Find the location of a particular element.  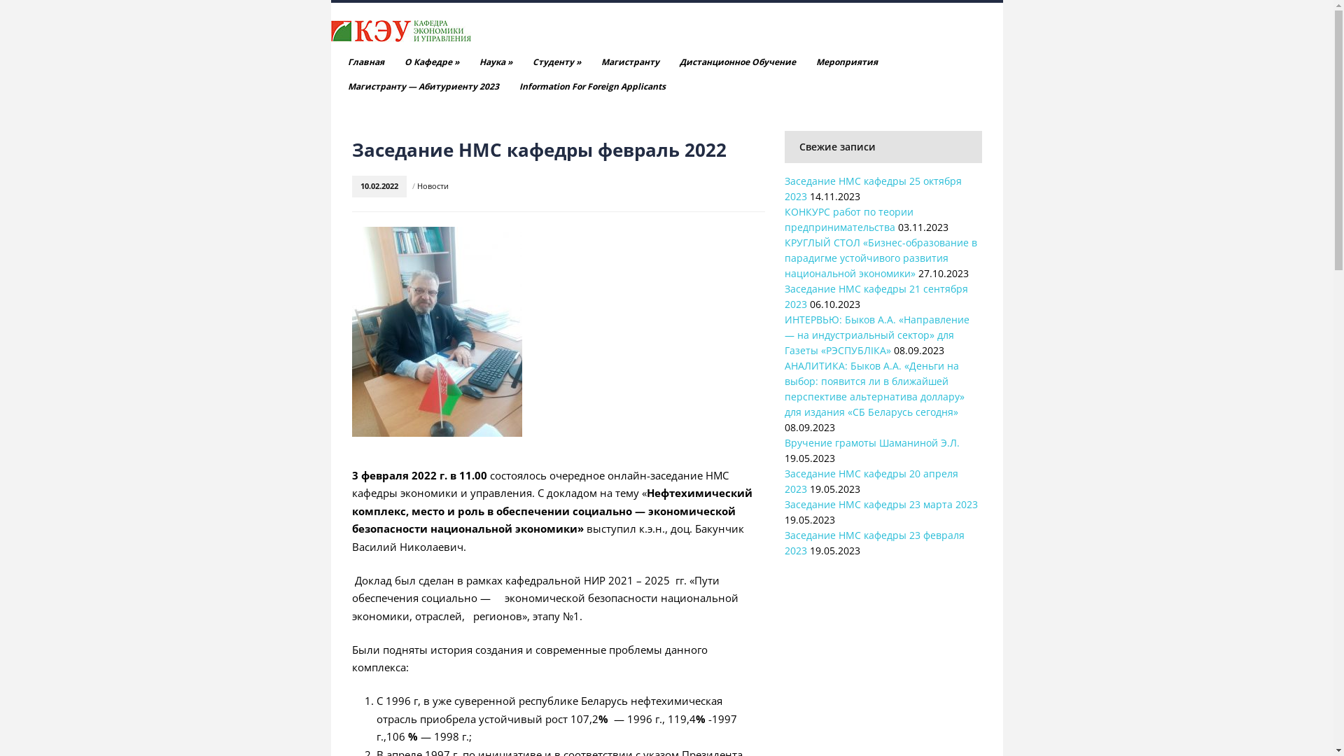

'Information For Foreign Applicants' is located at coordinates (592, 86).